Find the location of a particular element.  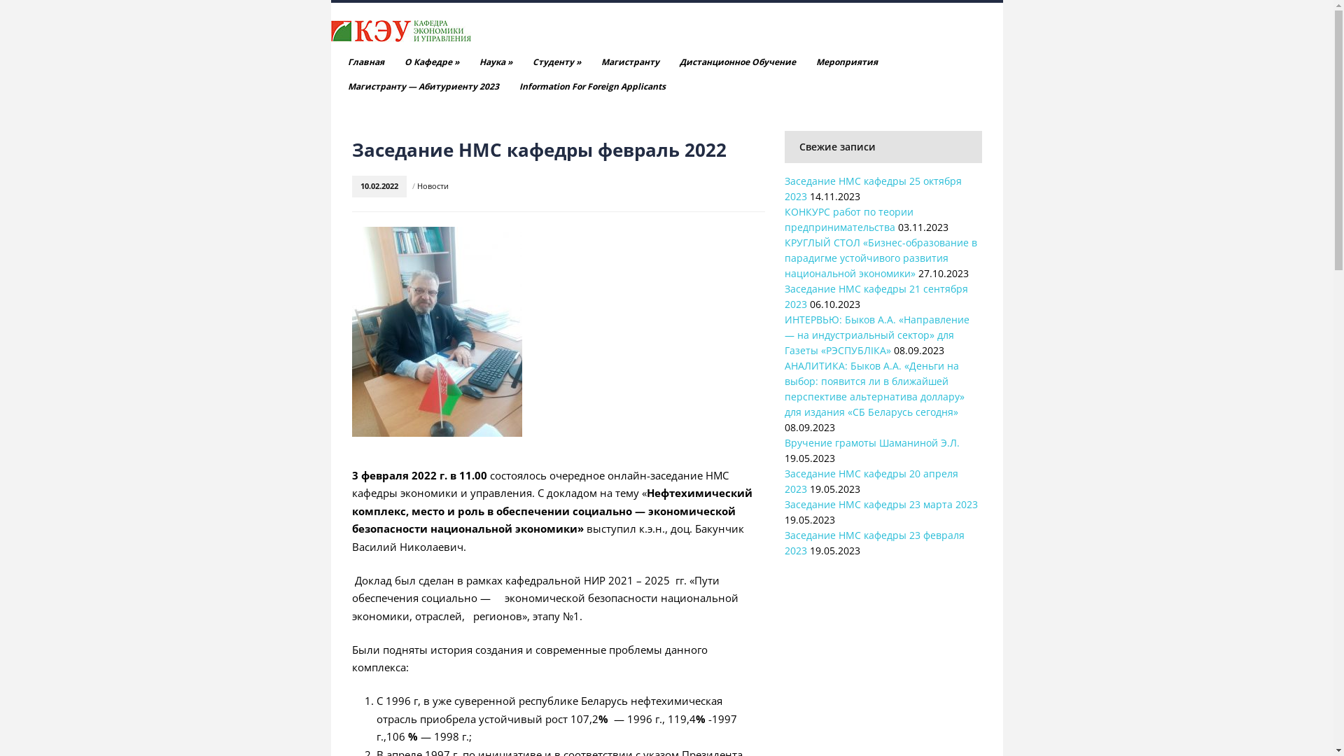

'Information For Foreign Applicants' is located at coordinates (592, 86).